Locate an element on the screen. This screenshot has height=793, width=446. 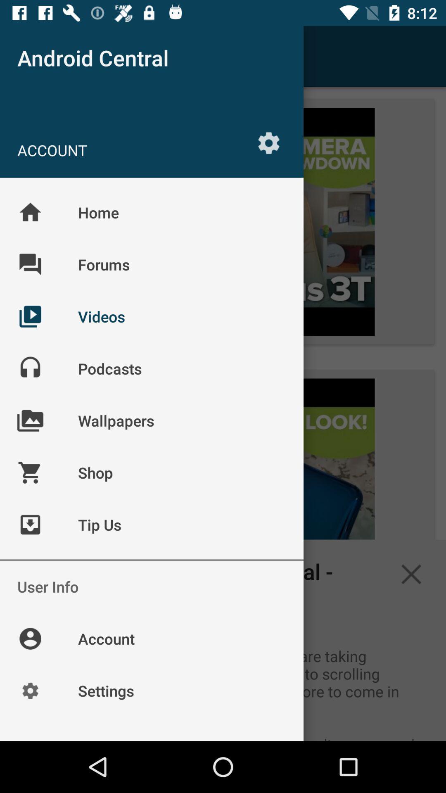
the close icon is located at coordinates (411, 574).